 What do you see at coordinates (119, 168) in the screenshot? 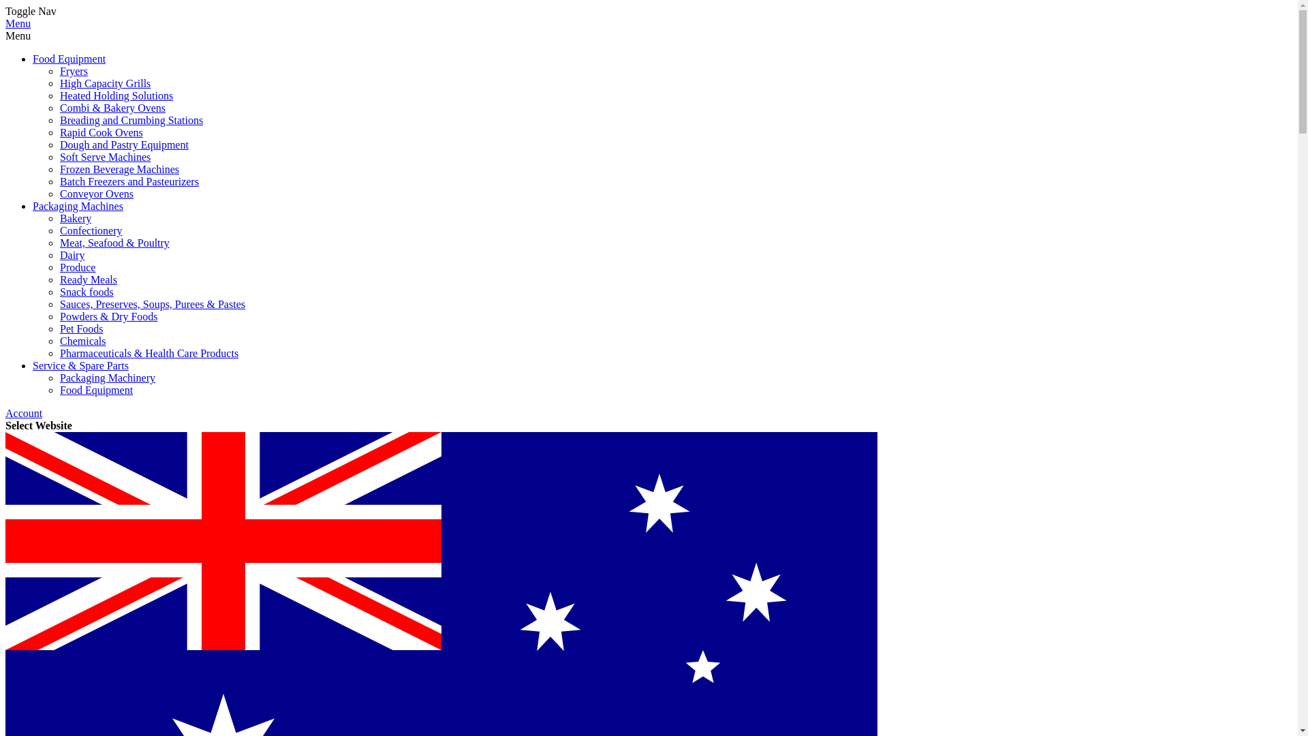
I see `'Frozen Beverage Machines'` at bounding box center [119, 168].